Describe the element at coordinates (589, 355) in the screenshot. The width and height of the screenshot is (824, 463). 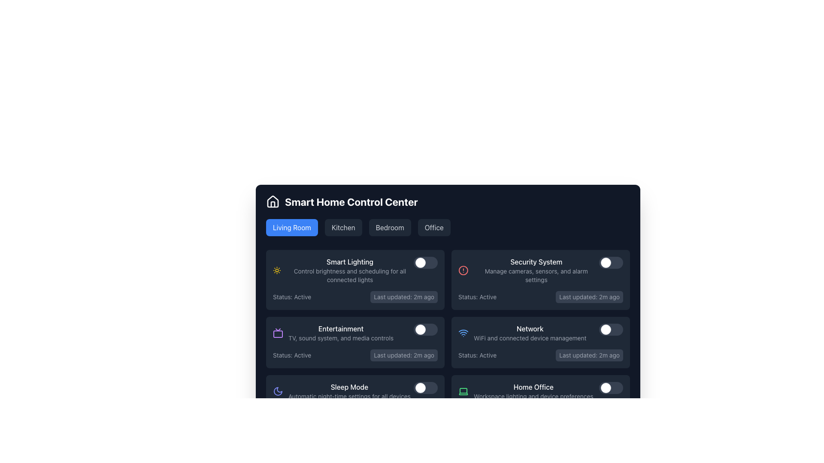
I see `the static informational text element indicating the timing of the last update, located in the bottom-right corner of the 'Network' section` at that location.